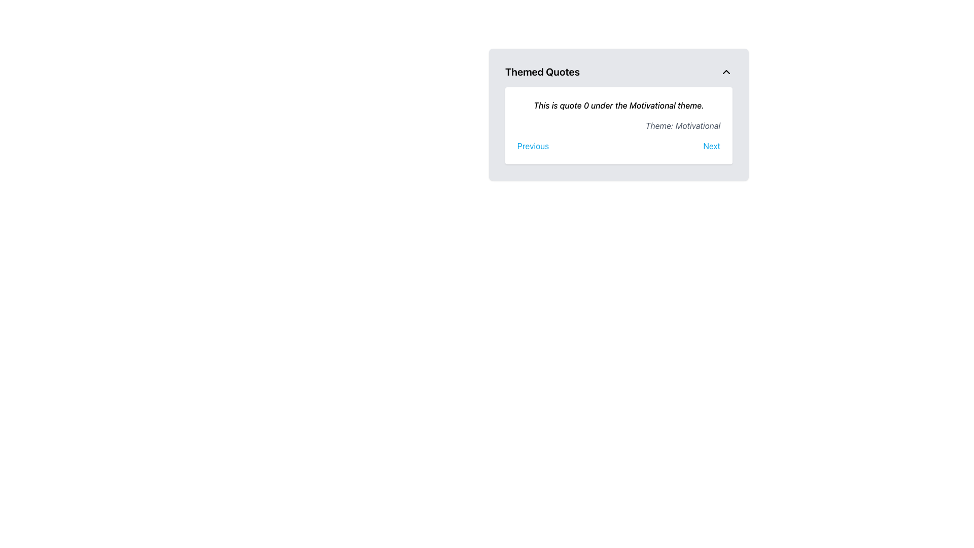 This screenshot has width=974, height=548. I want to click on the header text 'Themed Quotes' which is styled in bold, large sans-serif font located at the top-left corner of the card, so click(542, 72).